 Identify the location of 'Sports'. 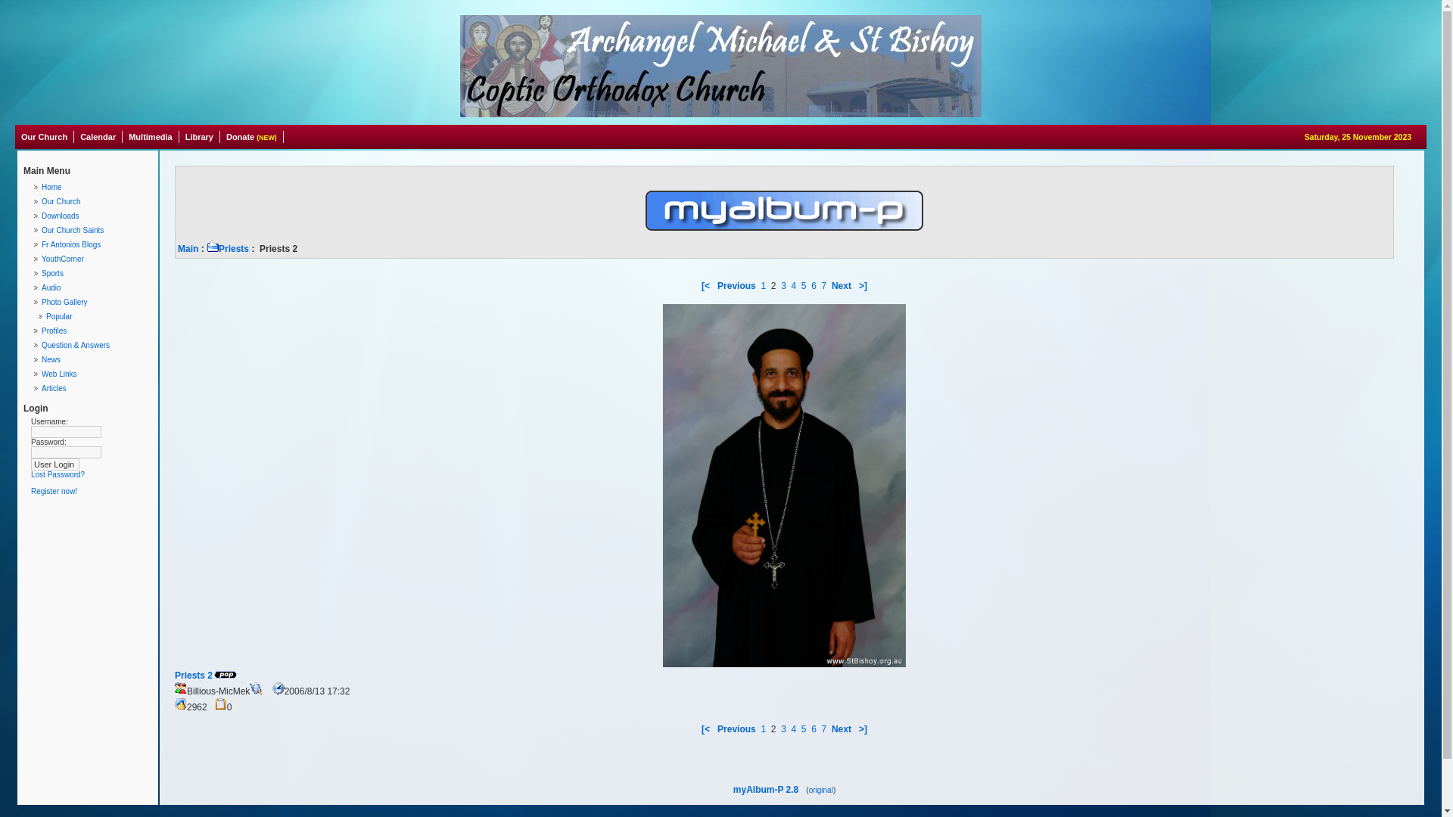
(90, 273).